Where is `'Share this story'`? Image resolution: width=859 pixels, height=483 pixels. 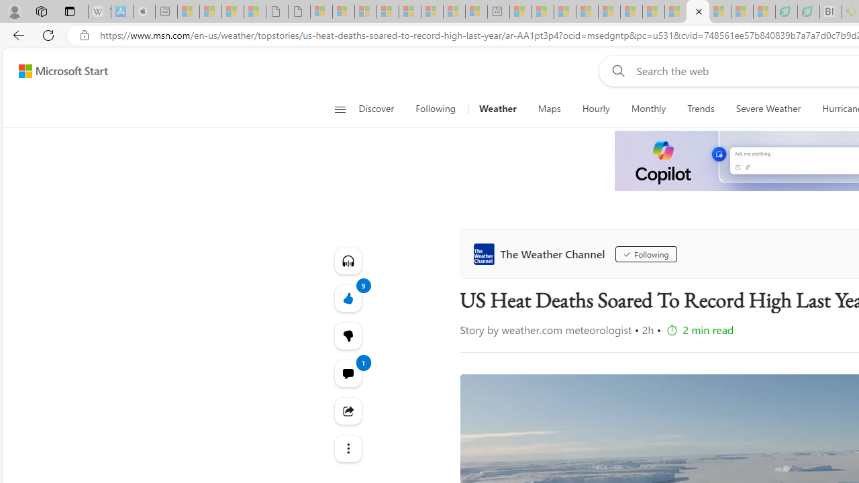 'Share this story' is located at coordinates (348, 411).